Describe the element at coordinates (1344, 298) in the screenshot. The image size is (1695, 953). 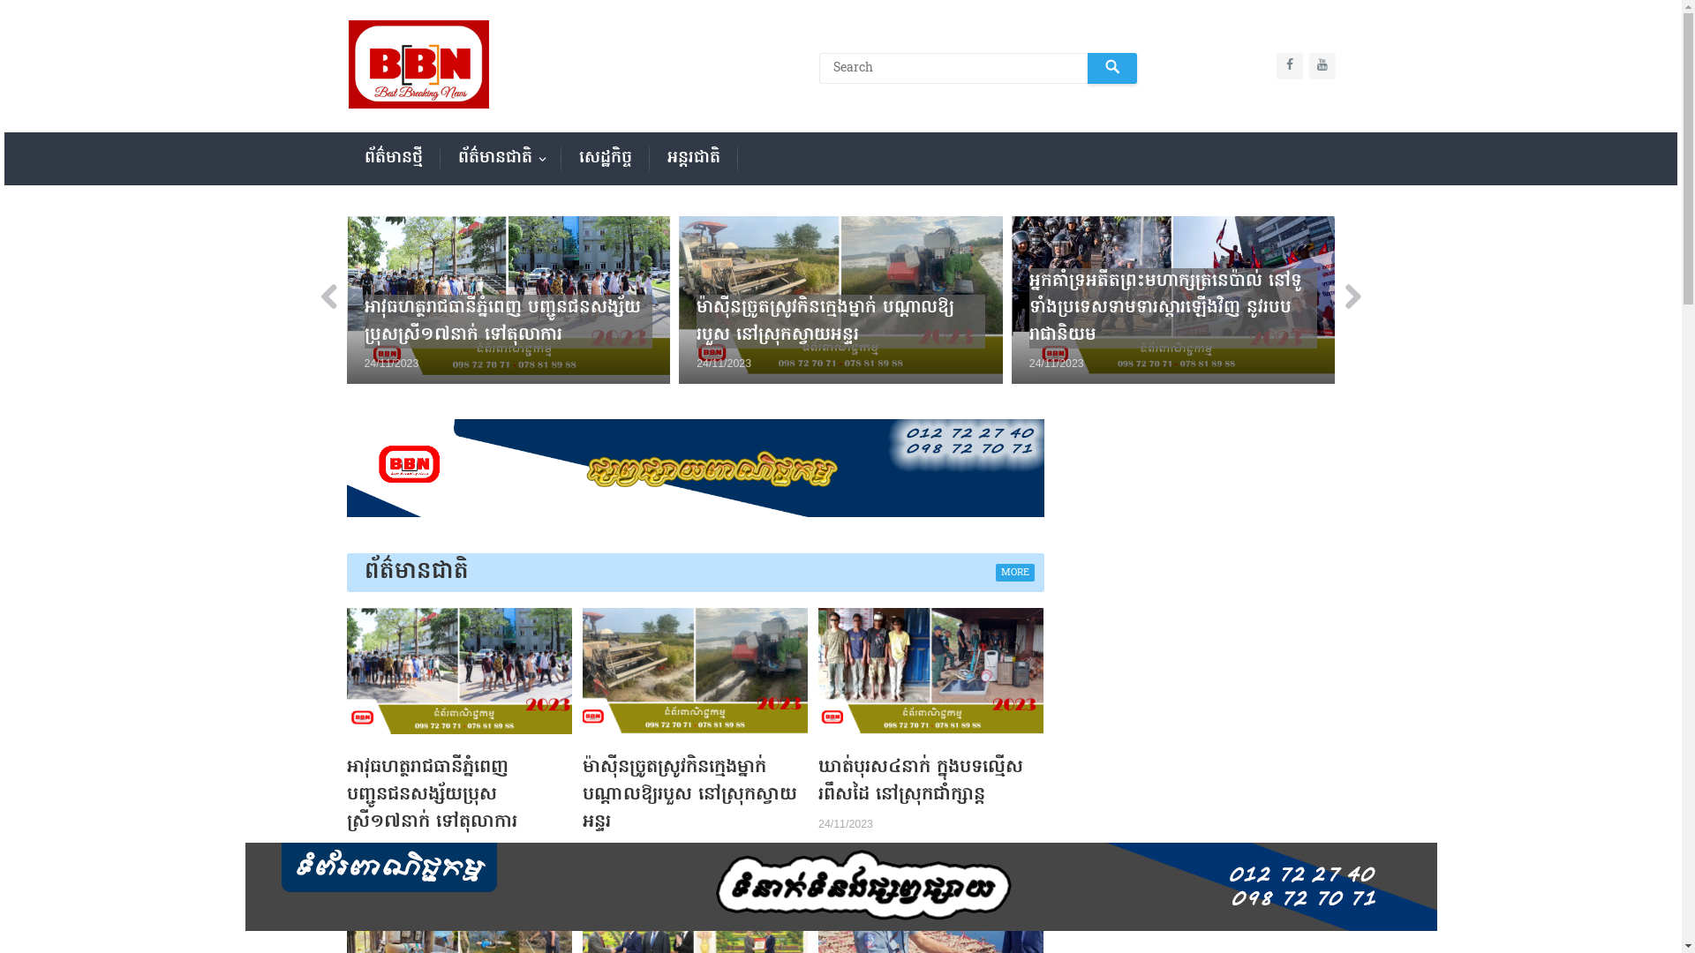
I see `'Next'` at that location.